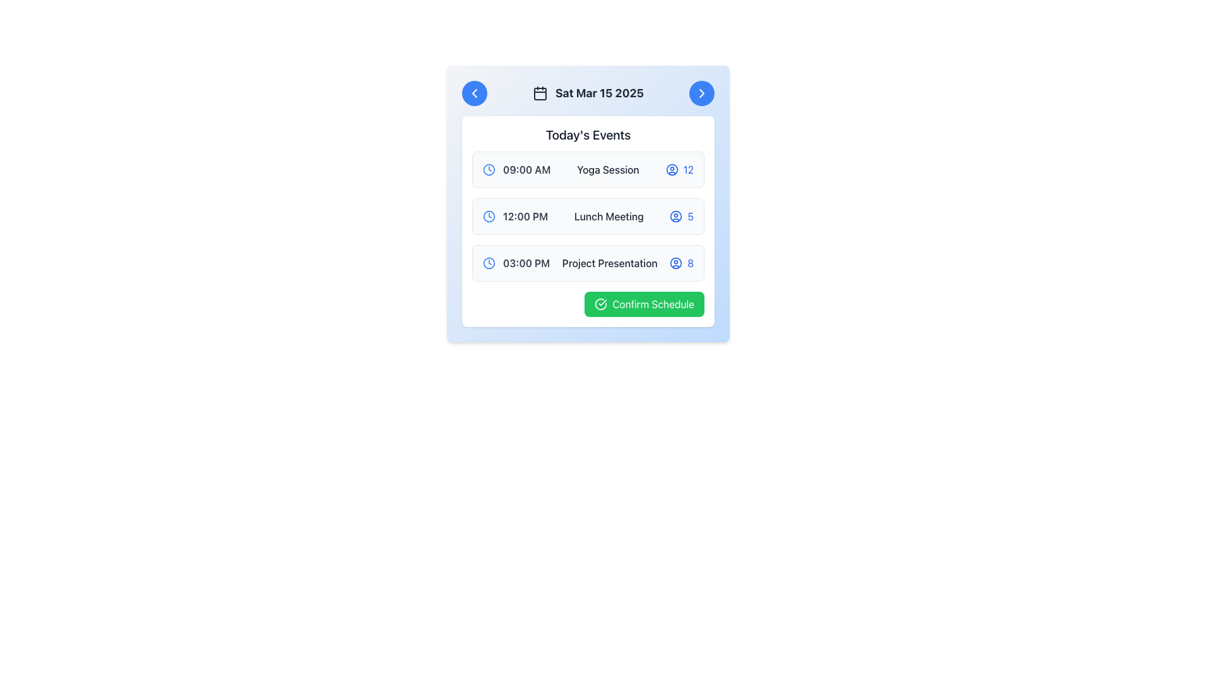 The width and height of the screenshot is (1212, 682). What do you see at coordinates (645, 304) in the screenshot?
I see `the confirmation button located at the bottom-right of the event card to confirm the schedule selection` at bounding box center [645, 304].